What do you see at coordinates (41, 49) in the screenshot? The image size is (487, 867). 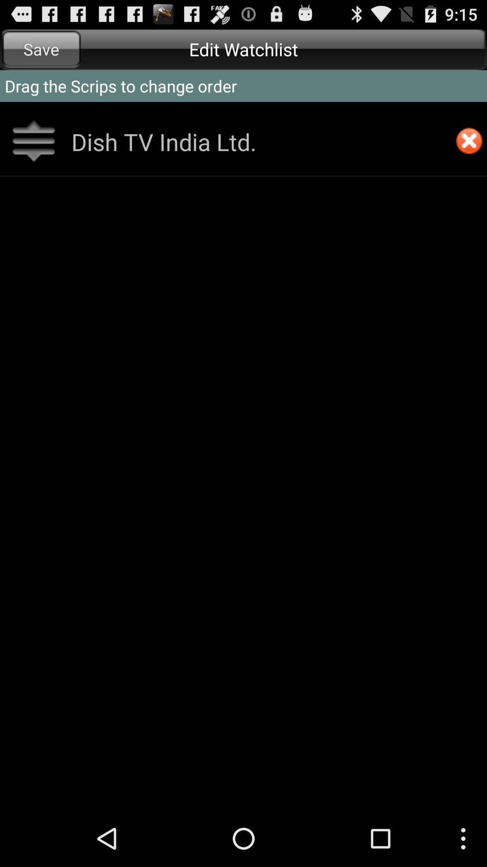 I see `the item next to edit watchlist icon` at bounding box center [41, 49].